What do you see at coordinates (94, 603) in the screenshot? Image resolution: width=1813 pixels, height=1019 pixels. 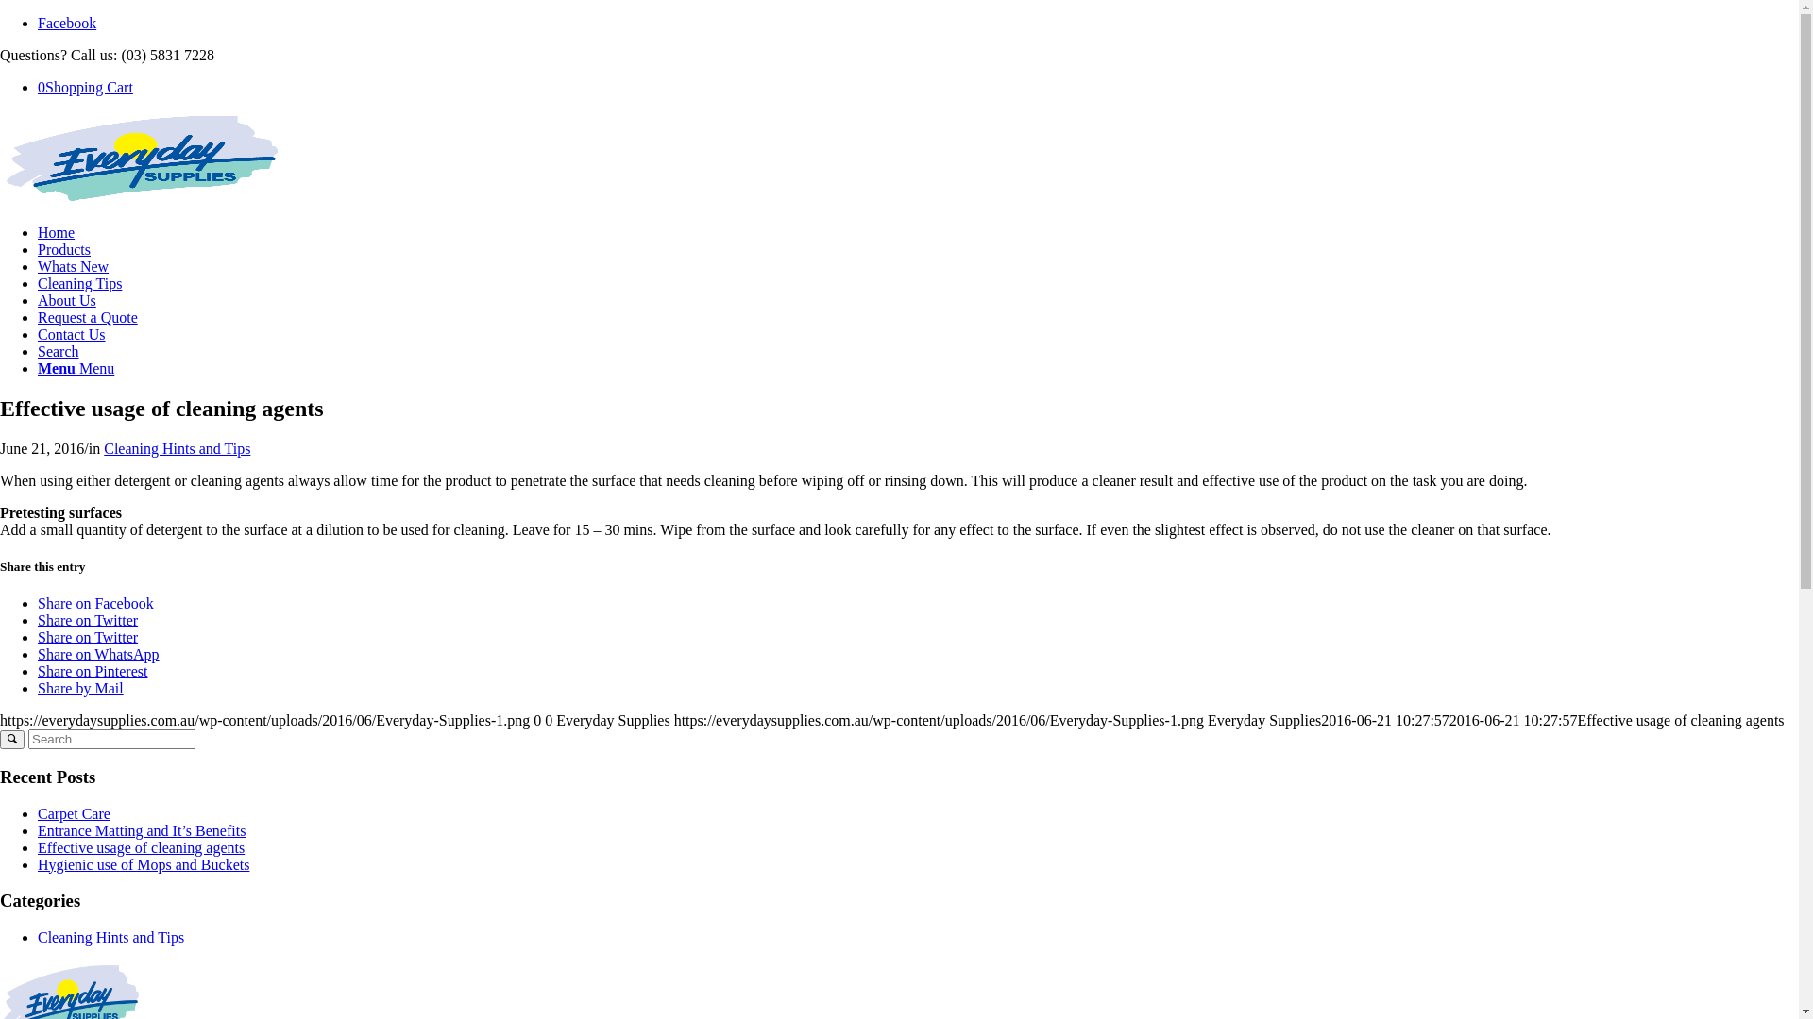 I see `'Share on Facebook'` at bounding box center [94, 603].